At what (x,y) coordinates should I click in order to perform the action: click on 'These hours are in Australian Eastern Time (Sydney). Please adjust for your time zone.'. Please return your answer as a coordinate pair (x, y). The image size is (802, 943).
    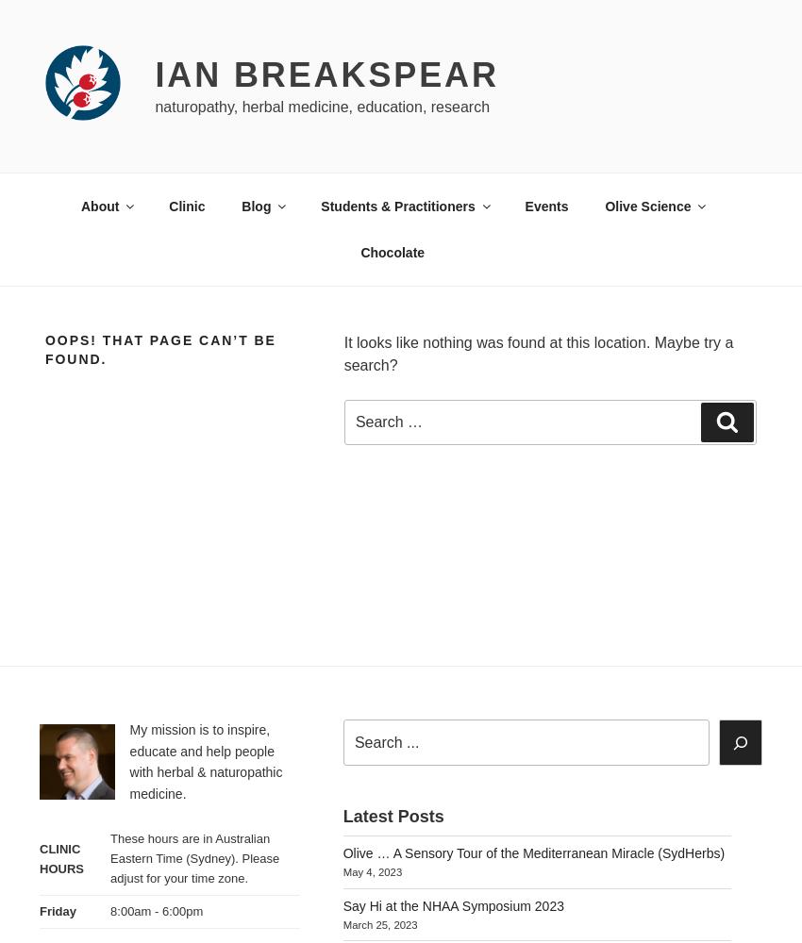
    Looking at the image, I should click on (193, 858).